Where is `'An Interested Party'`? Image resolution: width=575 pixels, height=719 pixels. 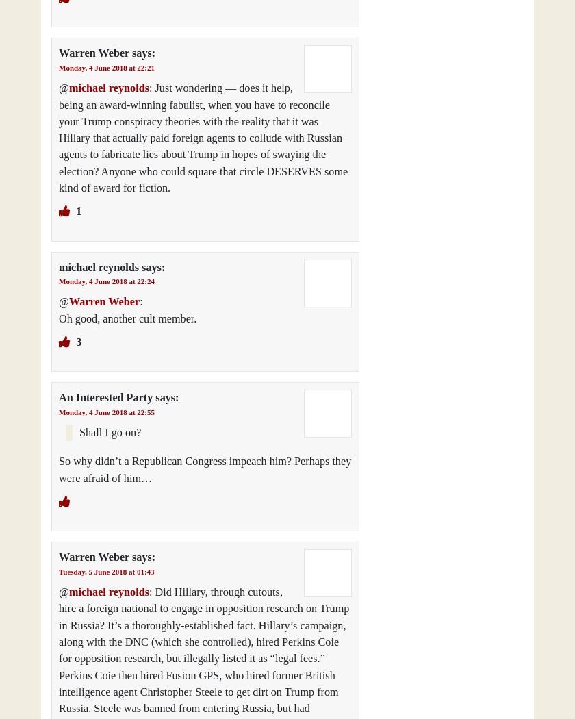 'An Interested Party' is located at coordinates (105, 396).